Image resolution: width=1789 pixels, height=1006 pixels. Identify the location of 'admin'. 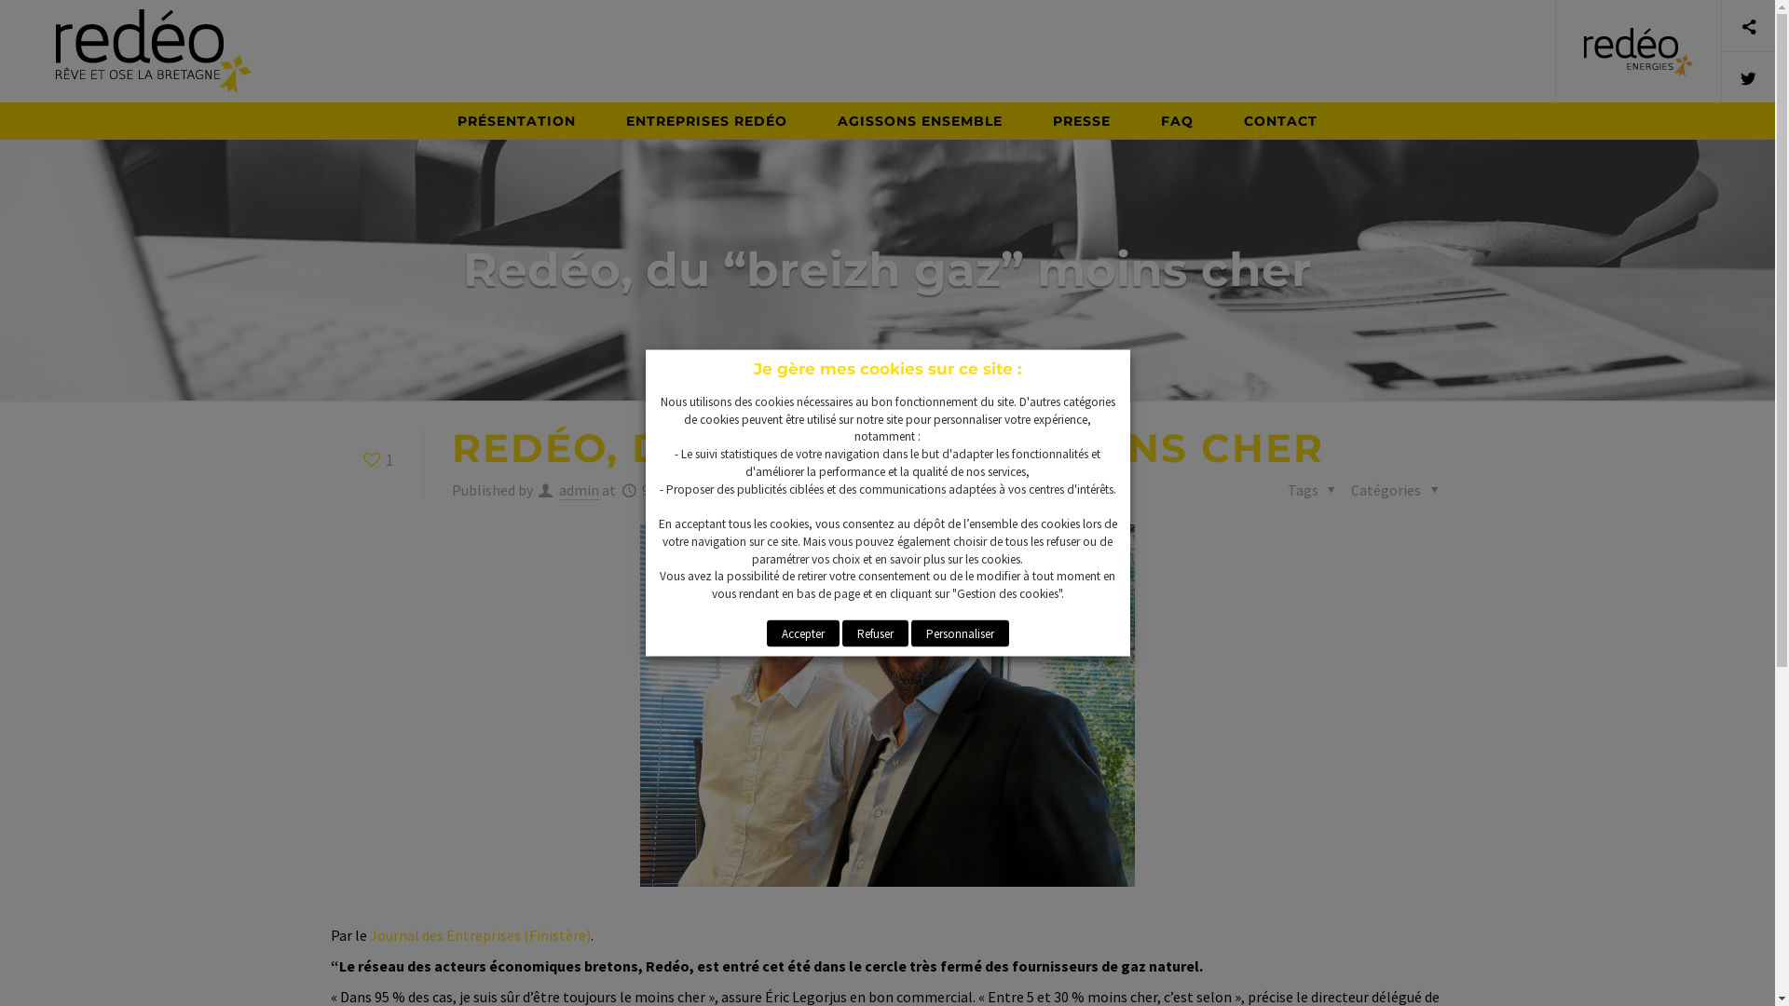
(578, 489).